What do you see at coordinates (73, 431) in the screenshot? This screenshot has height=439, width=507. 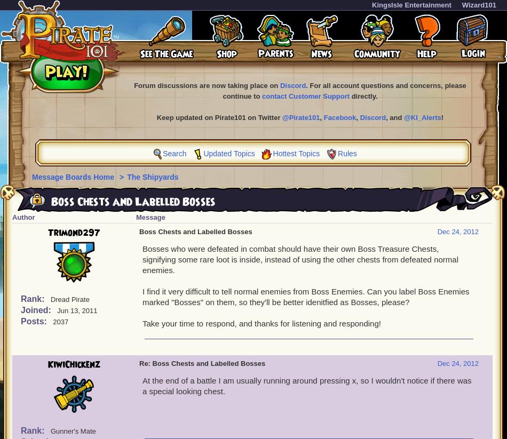 I see `'Gunner's Mate'` at bounding box center [73, 431].